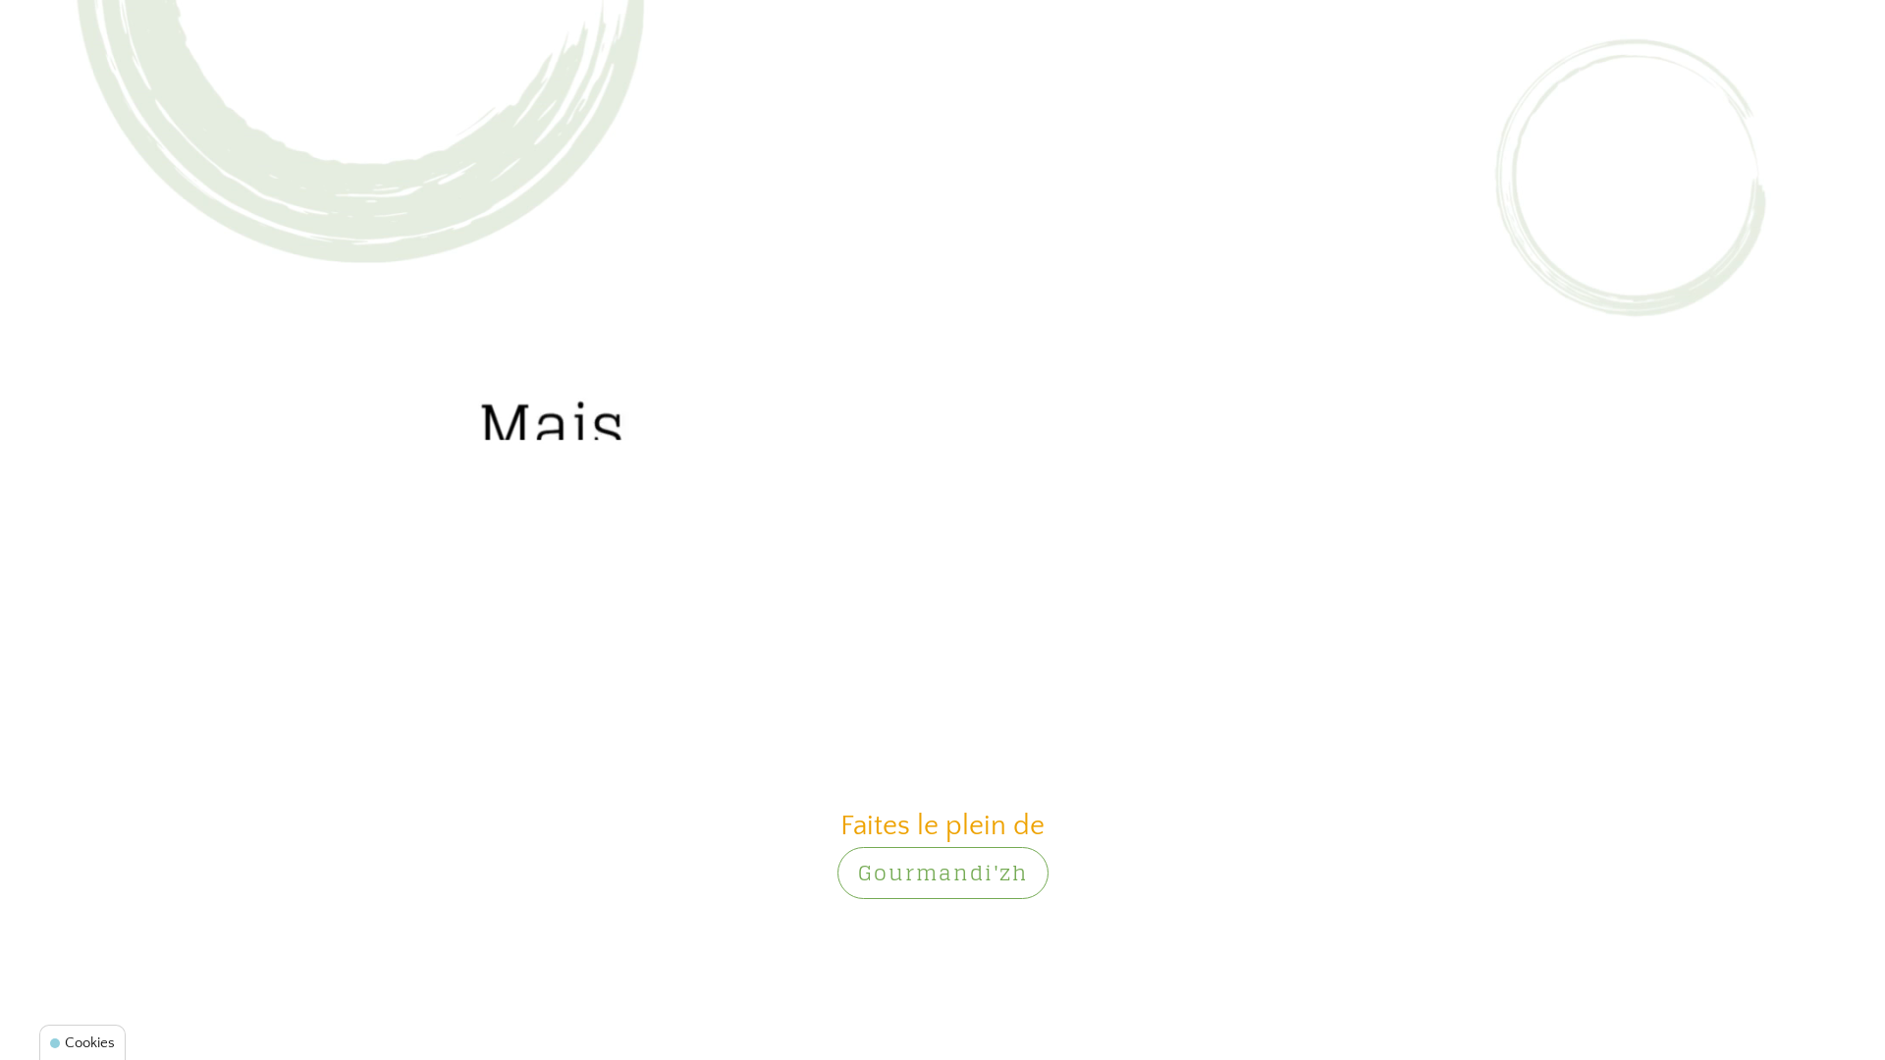 This screenshot has width=1885, height=1060. What do you see at coordinates (941, 872) in the screenshot?
I see `'Gourmandi'zh'` at bounding box center [941, 872].